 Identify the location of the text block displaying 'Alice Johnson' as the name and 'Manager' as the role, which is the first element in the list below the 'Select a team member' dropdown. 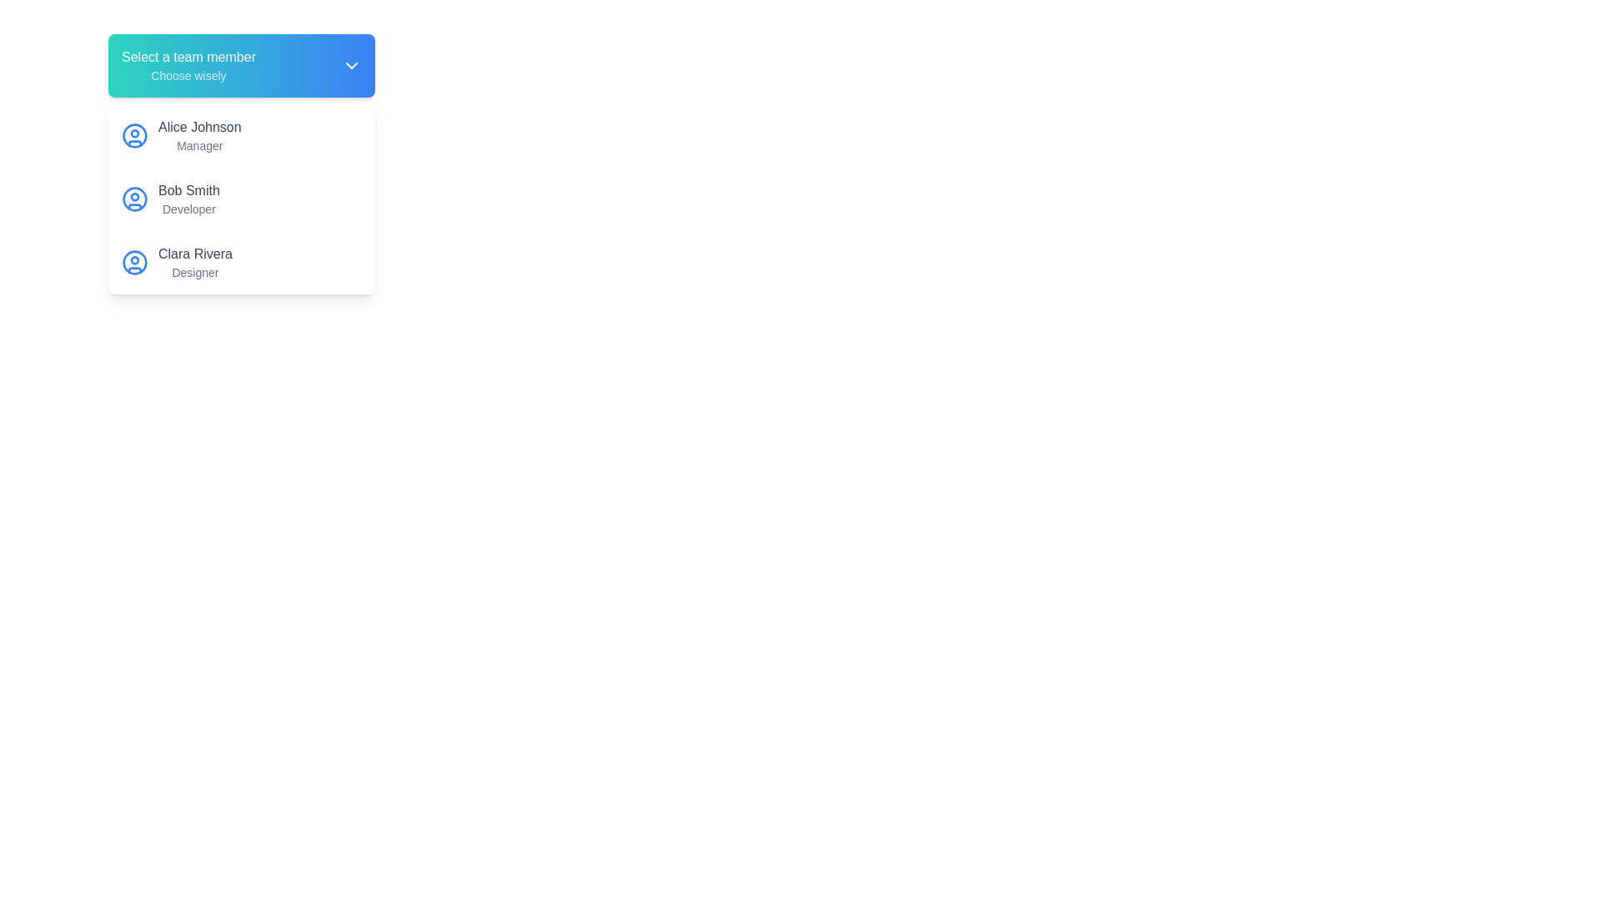
(199, 134).